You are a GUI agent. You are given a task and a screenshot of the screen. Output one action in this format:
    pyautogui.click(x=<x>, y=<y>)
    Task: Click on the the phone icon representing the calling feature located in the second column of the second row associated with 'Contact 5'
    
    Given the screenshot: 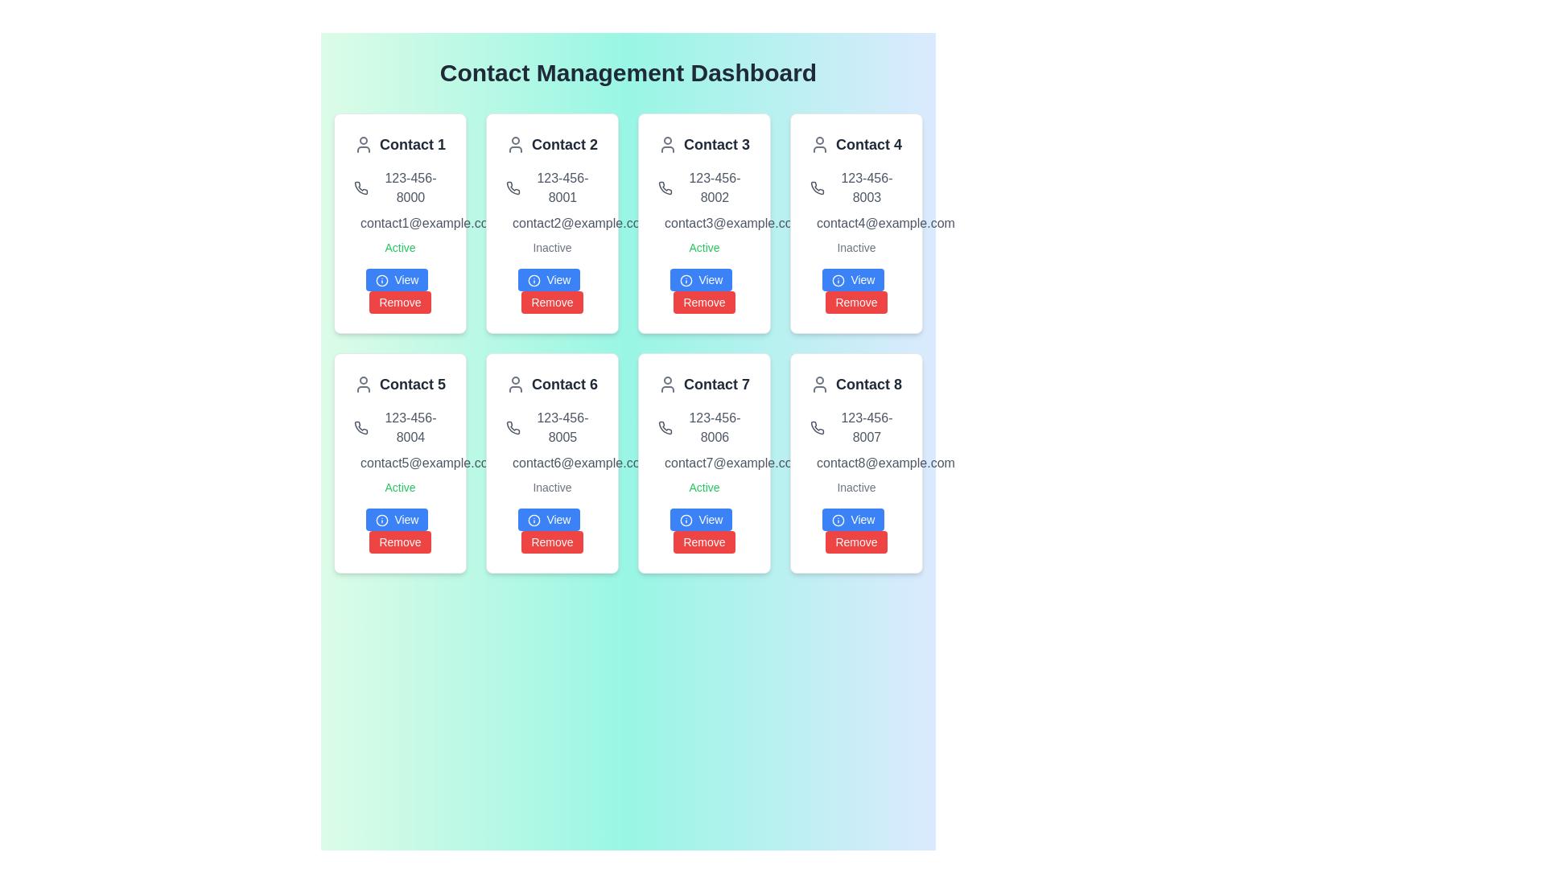 What is the action you would take?
    pyautogui.click(x=360, y=427)
    